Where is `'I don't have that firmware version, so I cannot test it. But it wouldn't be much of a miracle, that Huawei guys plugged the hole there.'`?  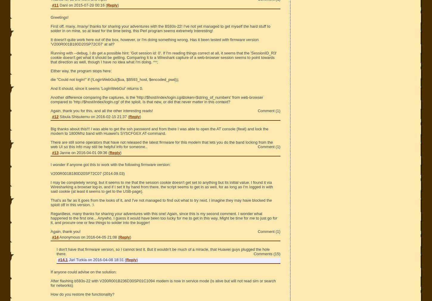
'I don't have that firmware version, so I cannot test it. But it wouldn't be much of a miracle, that Huawei guys plugged the hole there.' is located at coordinates (56, 251).